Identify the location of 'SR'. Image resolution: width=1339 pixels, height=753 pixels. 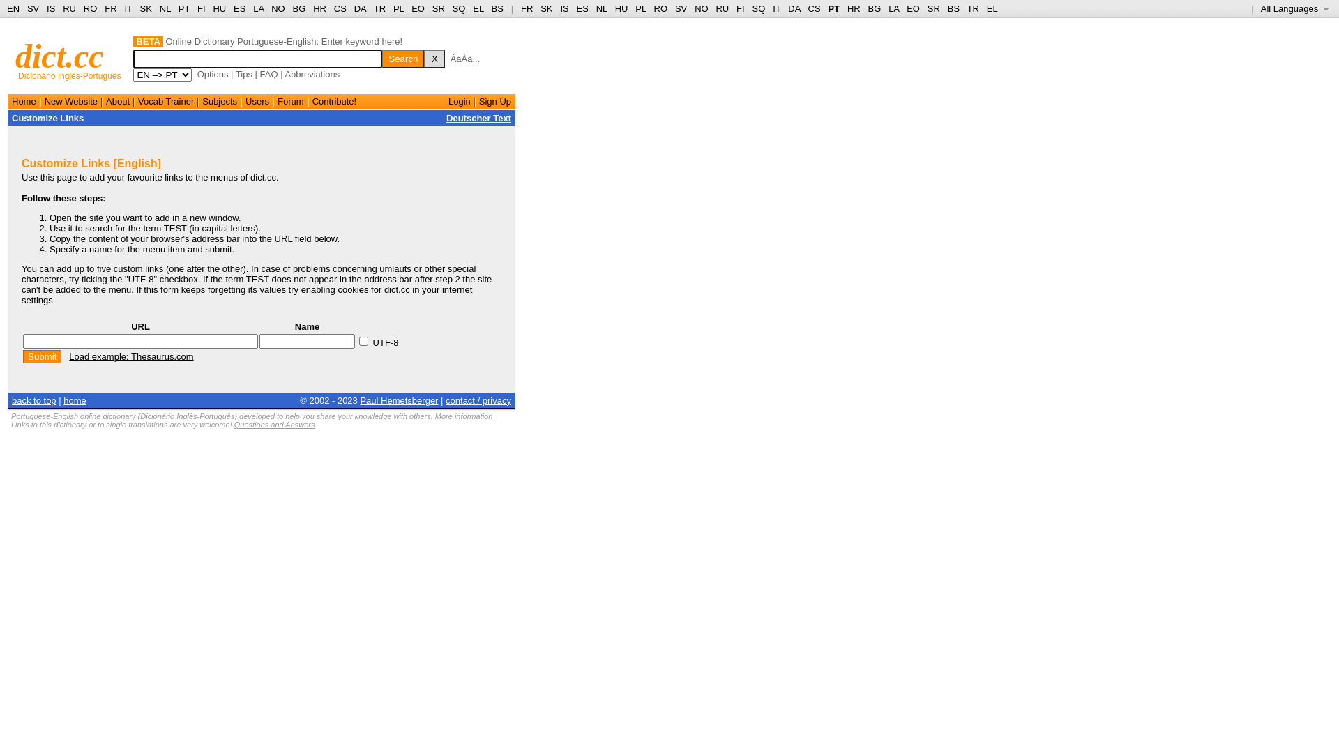
(431, 8).